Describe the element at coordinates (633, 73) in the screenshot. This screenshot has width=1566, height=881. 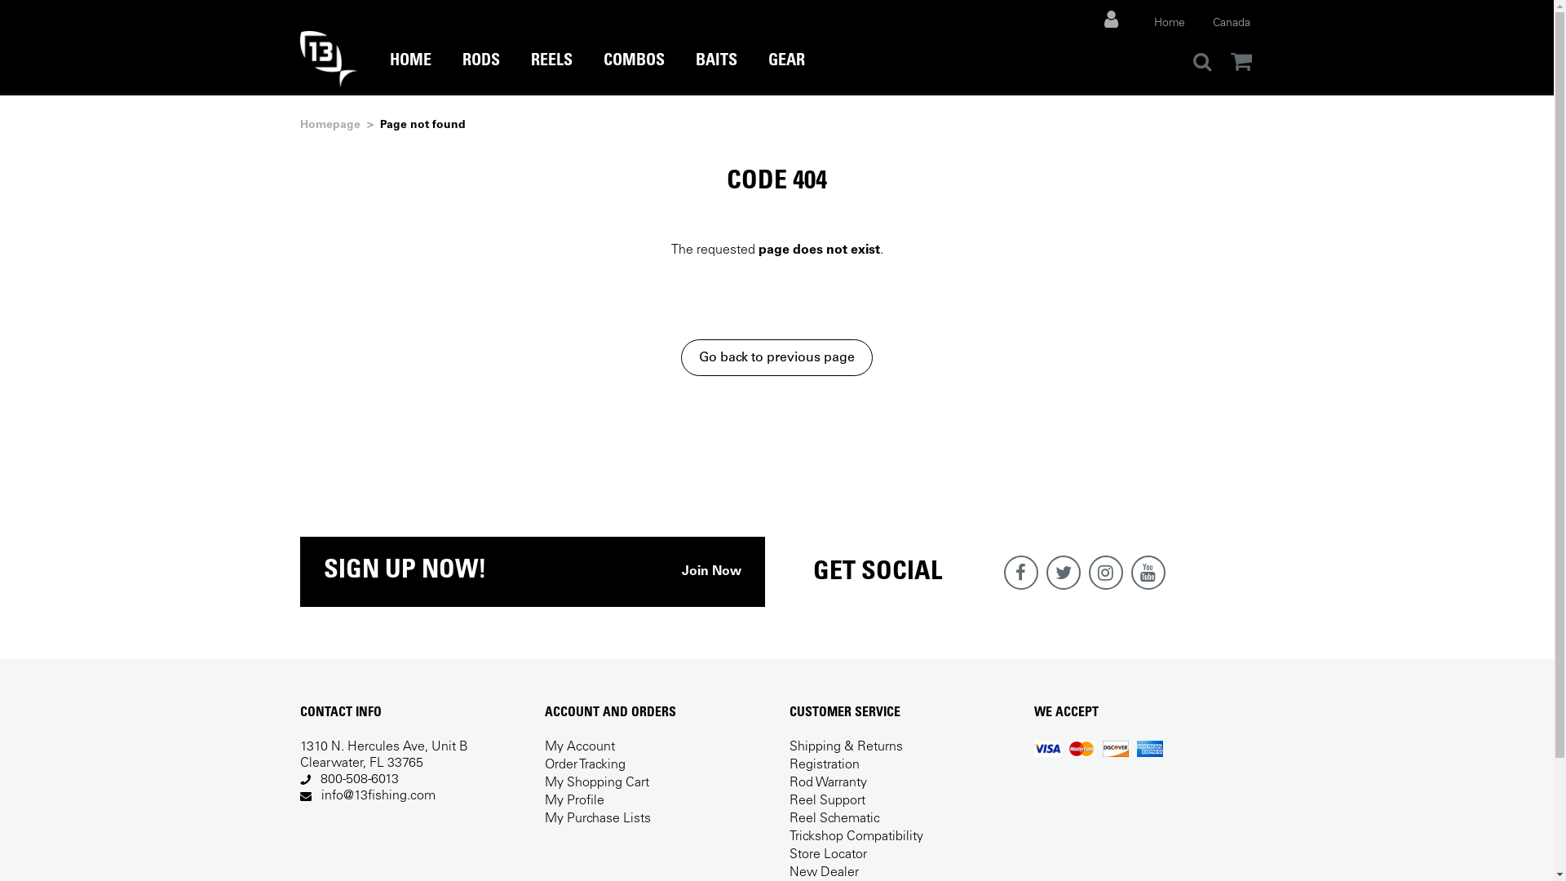
I see `'COMBOS'` at that location.